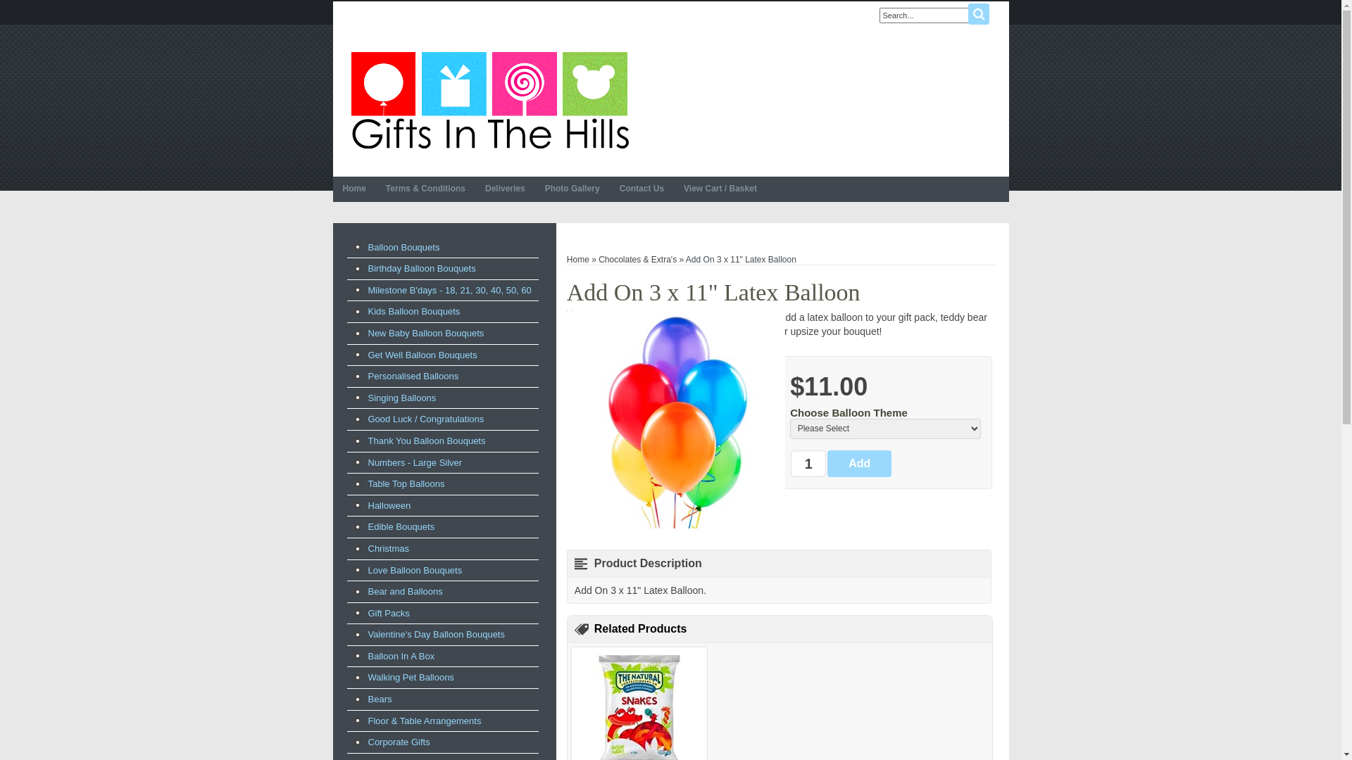  I want to click on 'Terms & Conditions', so click(375, 189).